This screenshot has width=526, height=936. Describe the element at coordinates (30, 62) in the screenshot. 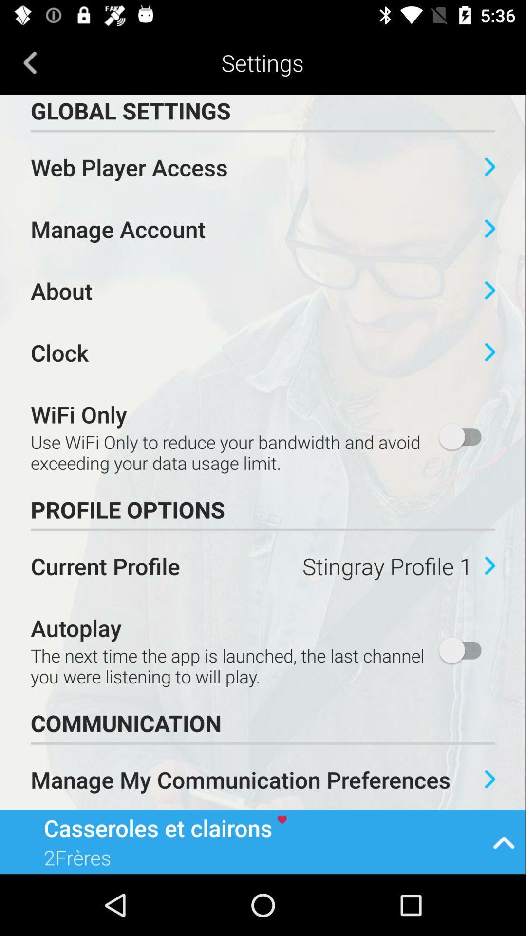

I see `the item next to settings icon` at that location.